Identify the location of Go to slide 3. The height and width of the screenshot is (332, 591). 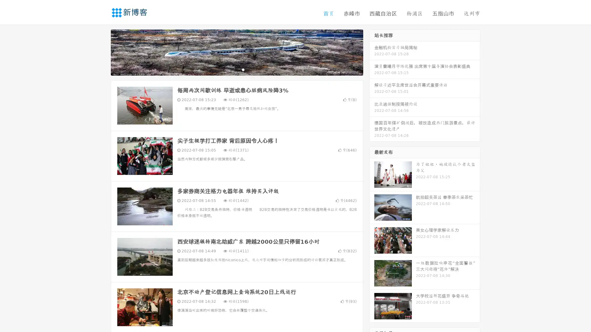
(243, 69).